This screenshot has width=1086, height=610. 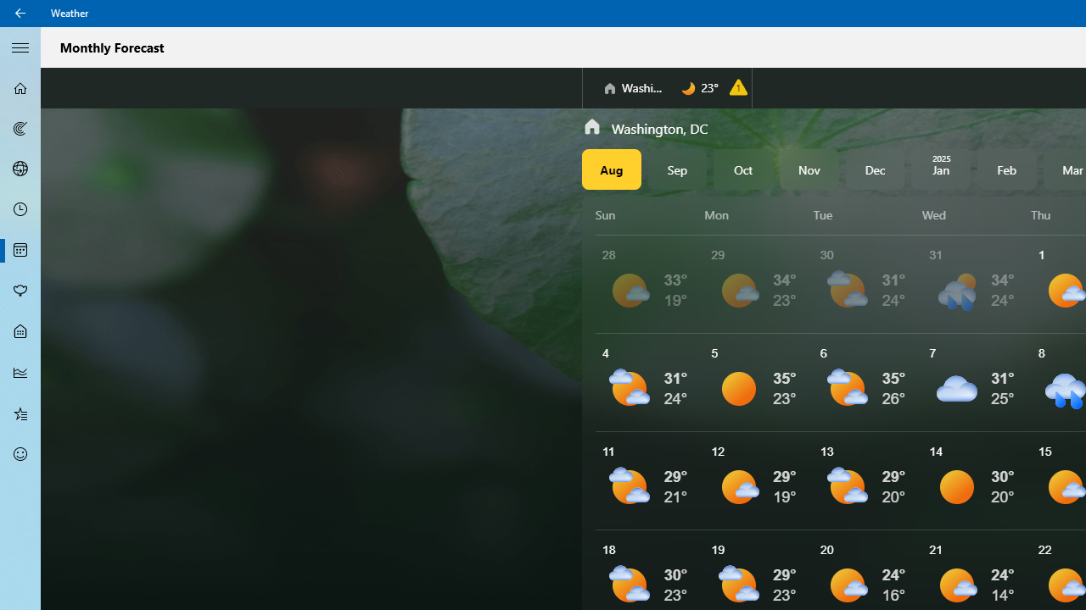 What do you see at coordinates (20, 371) in the screenshot?
I see `'Historical Weather - Not Selected'` at bounding box center [20, 371].